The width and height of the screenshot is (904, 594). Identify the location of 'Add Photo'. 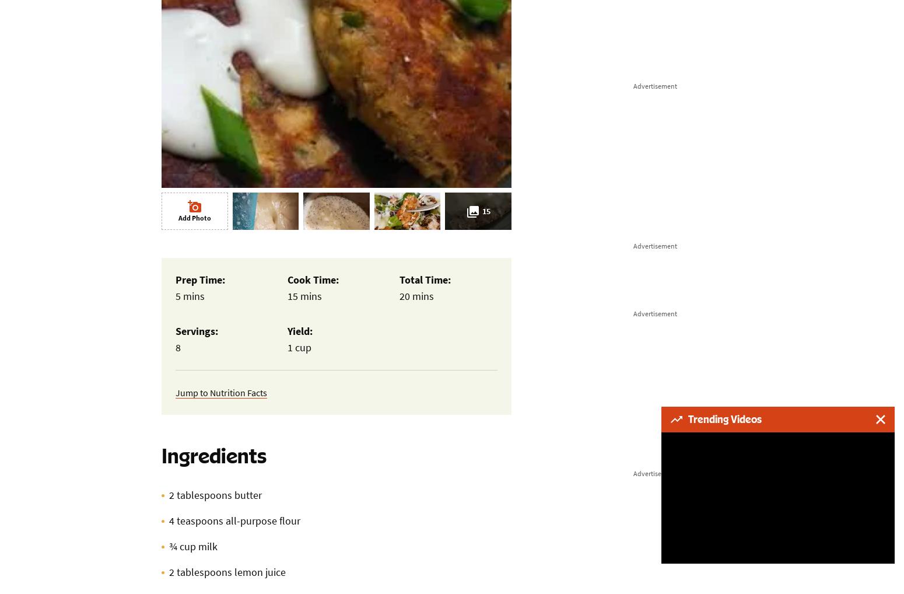
(193, 218).